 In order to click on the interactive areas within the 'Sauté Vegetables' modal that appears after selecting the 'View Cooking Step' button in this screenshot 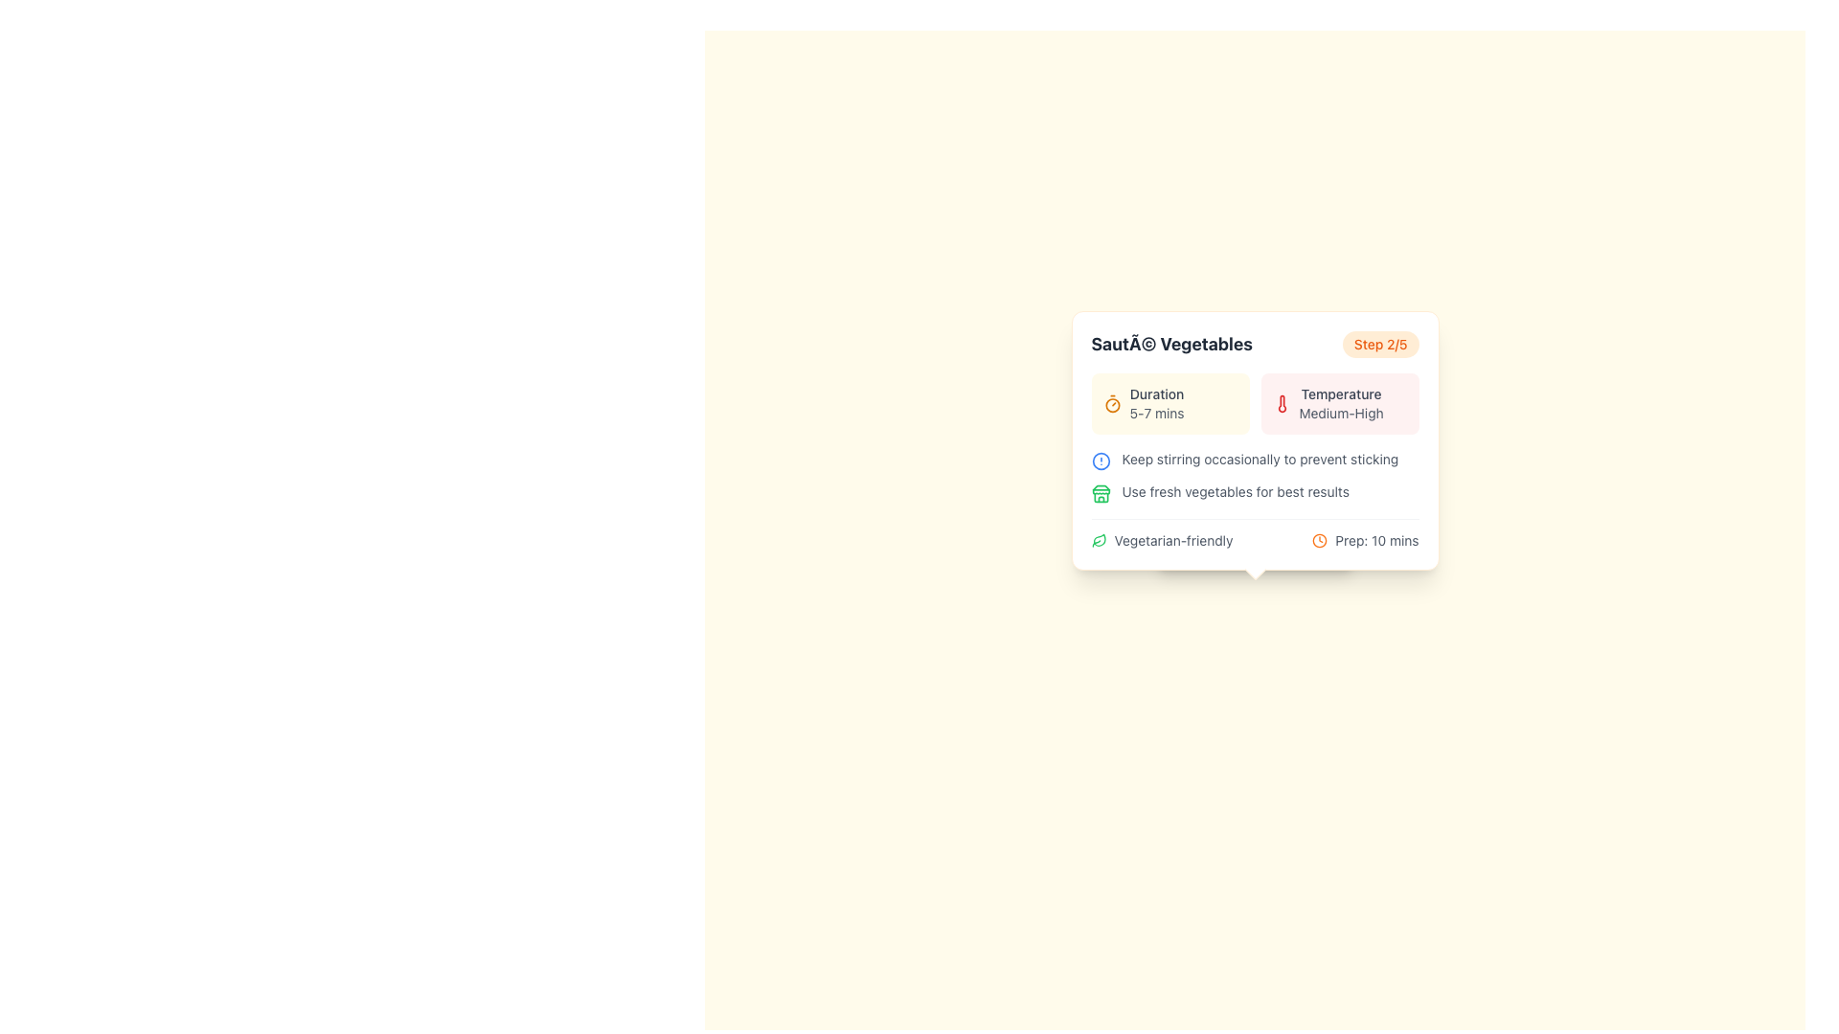, I will do `click(1255, 440)`.